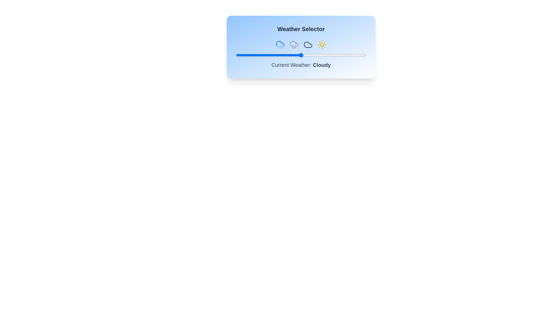 The image size is (558, 314). I want to click on the weather slider to 63%, where 63 is a value between 0 and 100, so click(318, 55).